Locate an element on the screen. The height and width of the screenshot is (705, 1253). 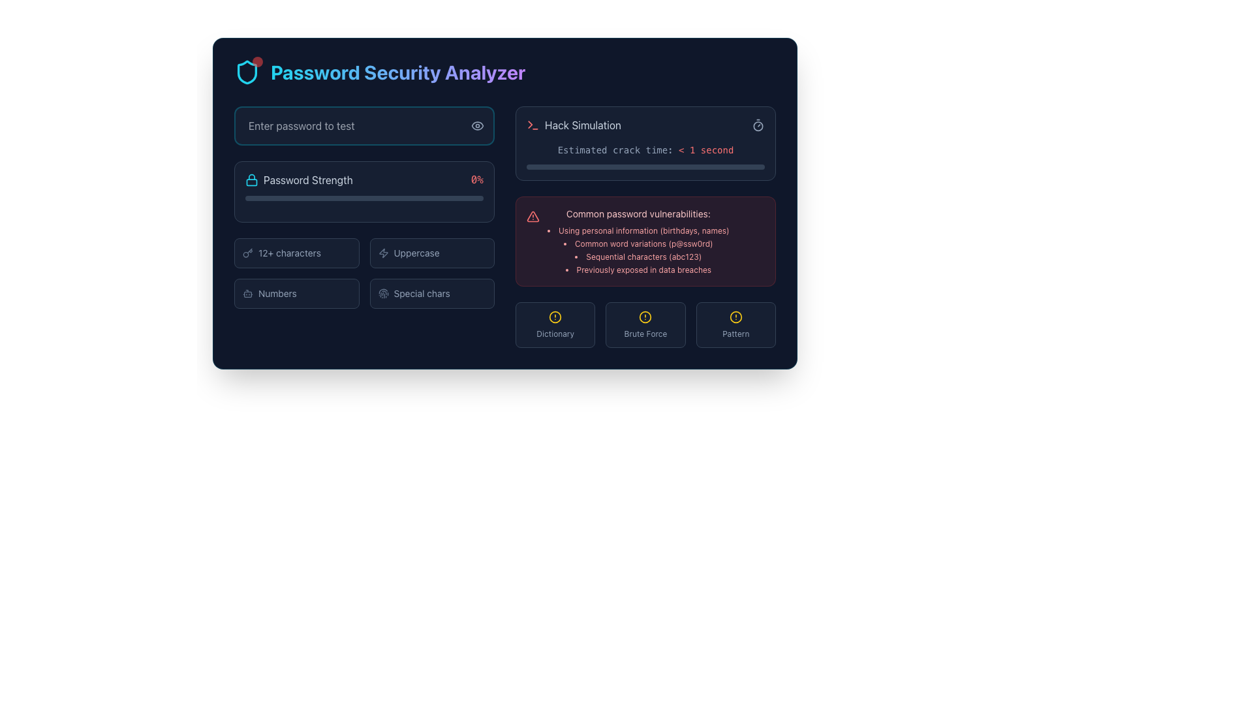
the small key icon with a minimalist design located to the left of the text '12+ characters' in the password requirement section is located at coordinates (247, 253).